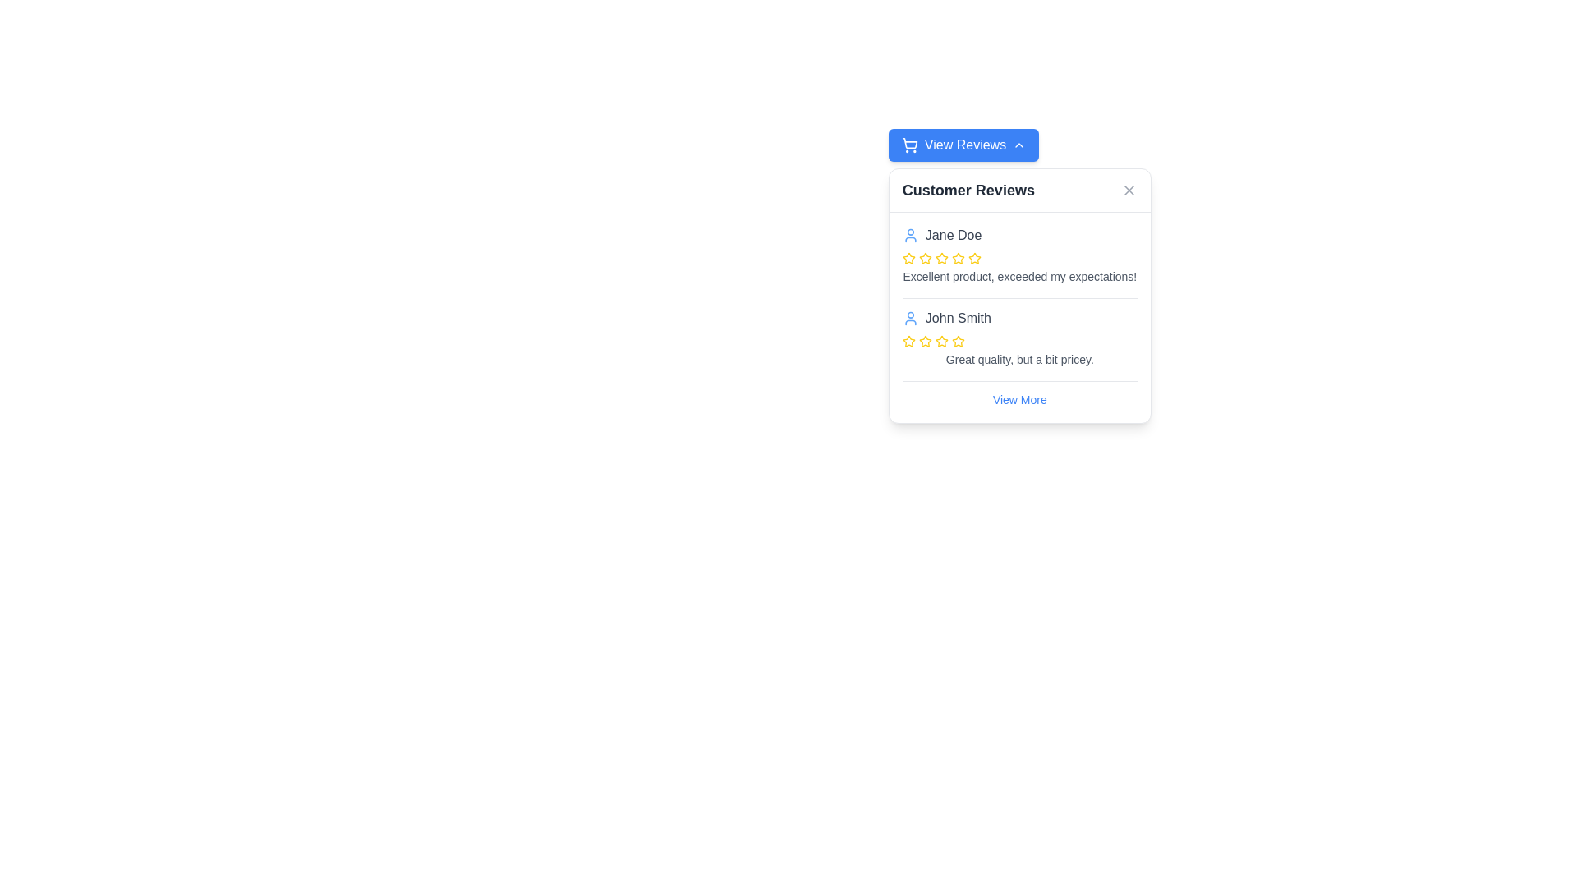  Describe the element at coordinates (908, 341) in the screenshot. I see `the first star icon in the 4-star rating system for the customer review by 'John Smith'` at that location.